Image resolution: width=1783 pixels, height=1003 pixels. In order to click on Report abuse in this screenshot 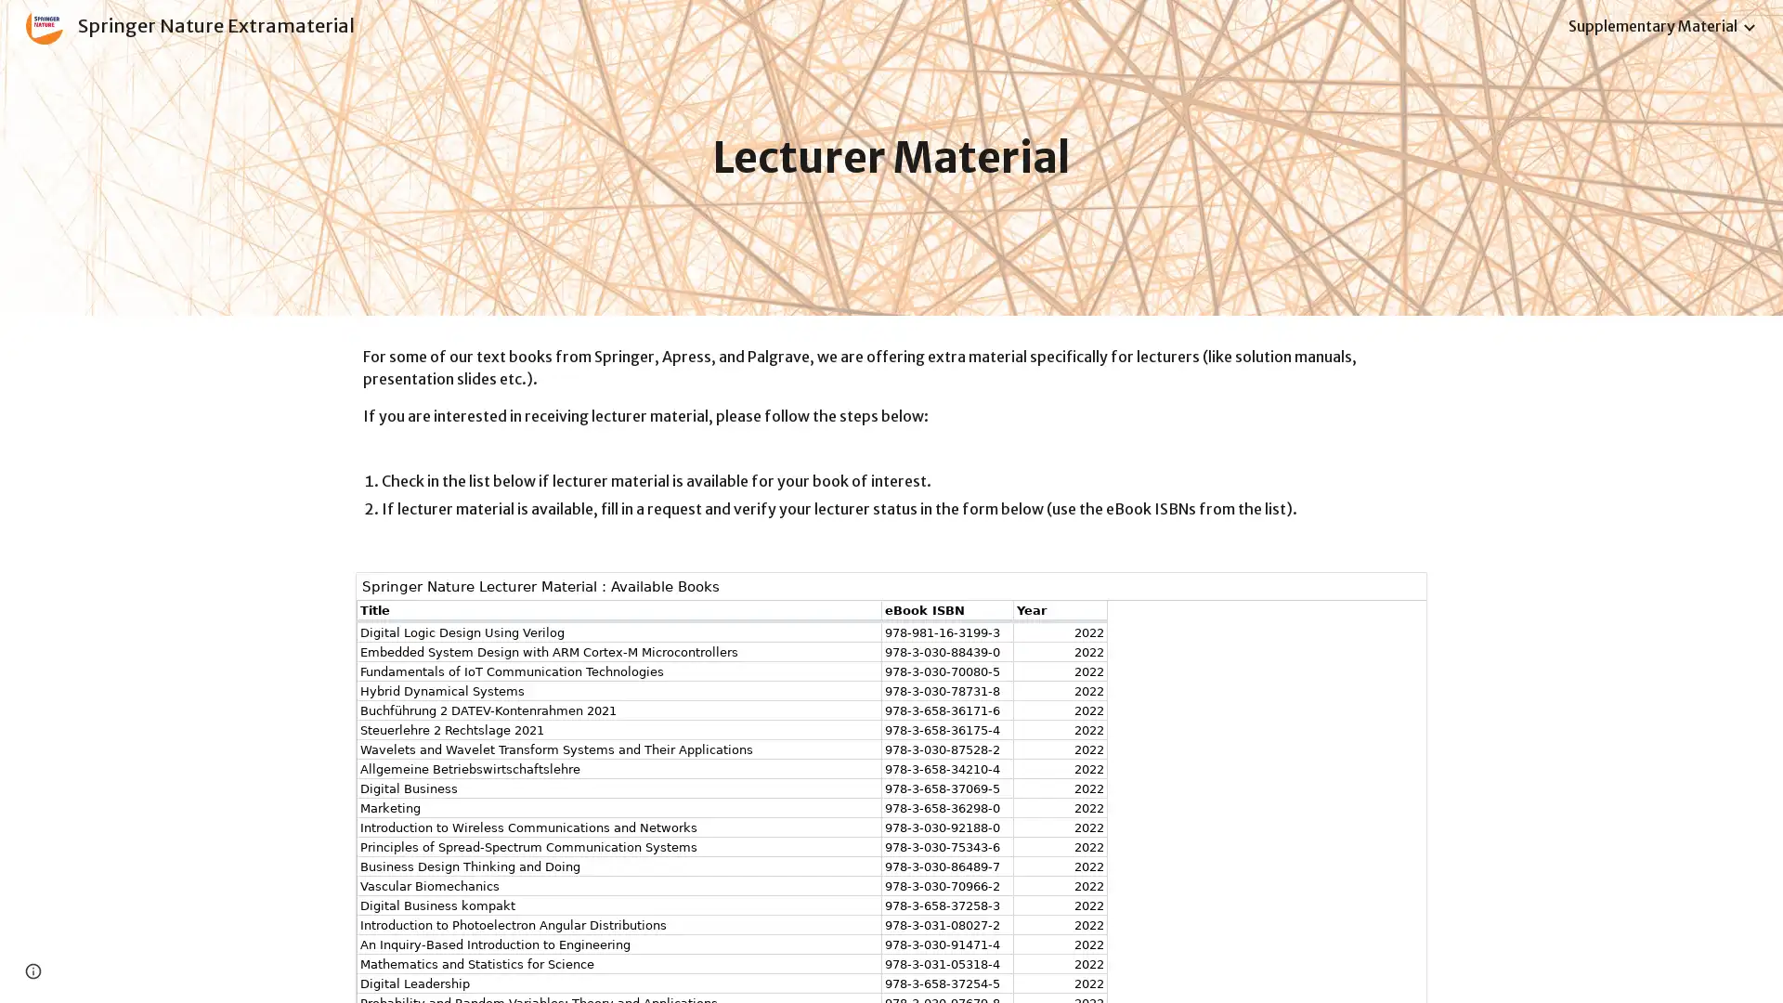, I will do `click(145, 970)`.